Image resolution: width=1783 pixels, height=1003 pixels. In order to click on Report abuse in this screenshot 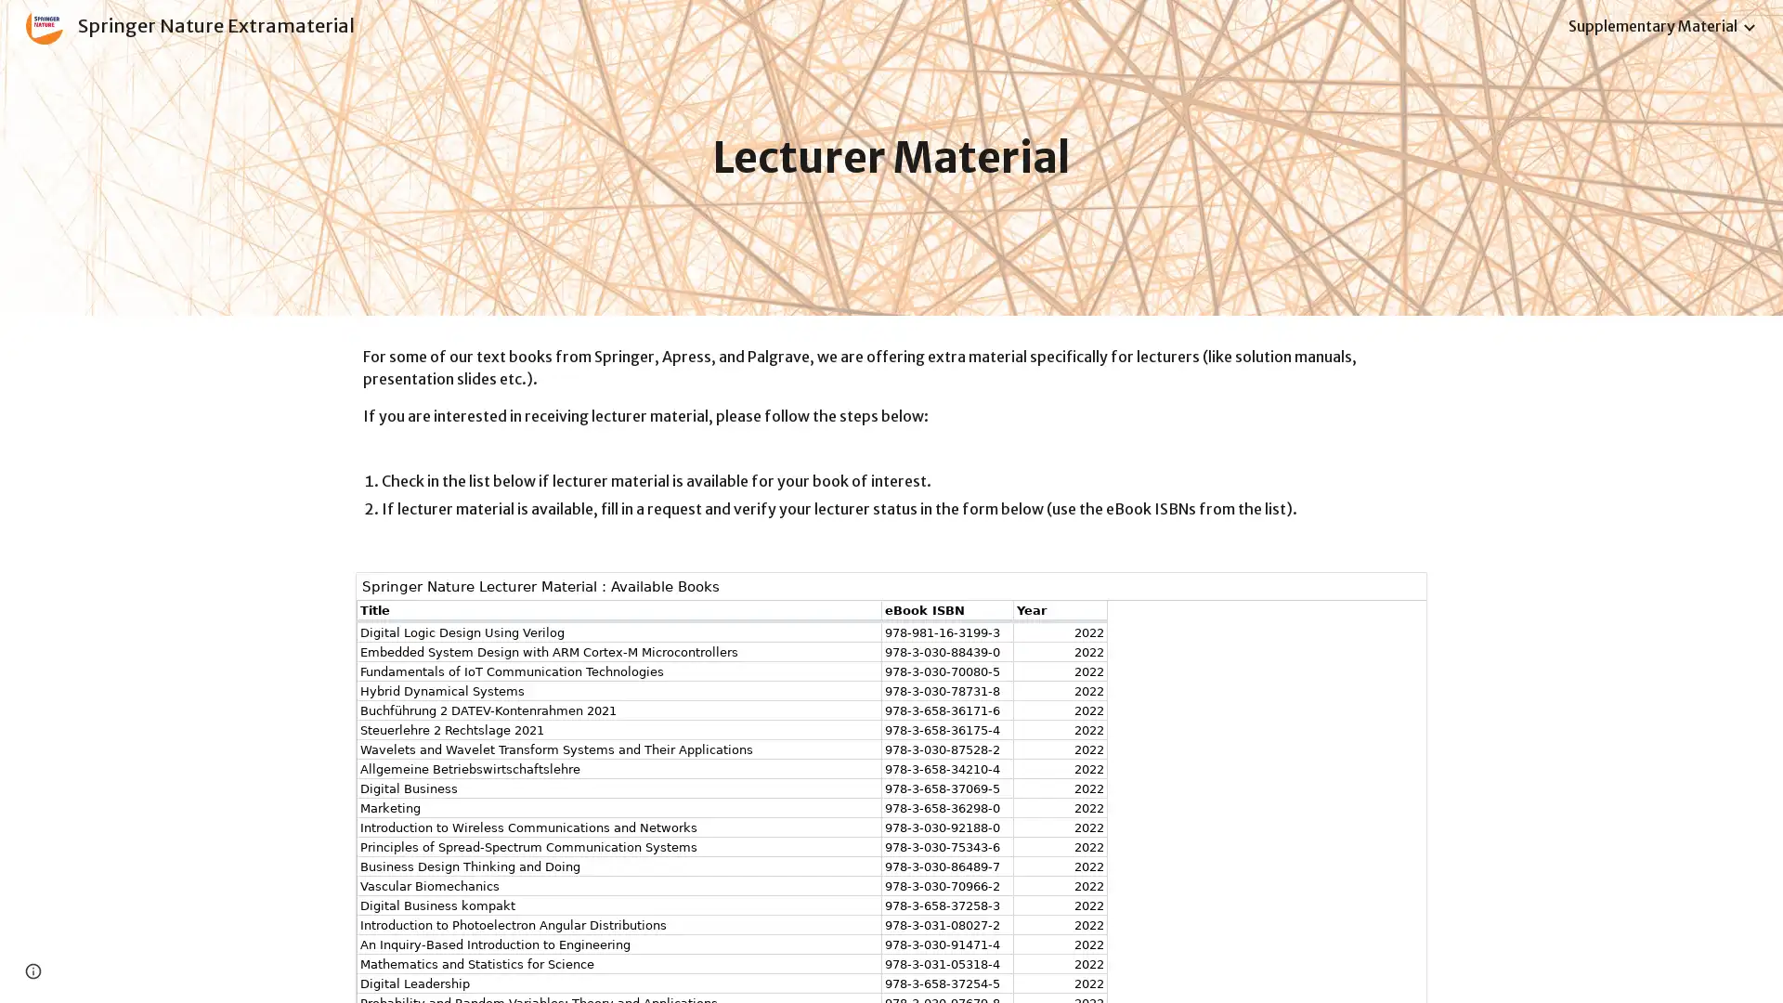, I will do `click(145, 970)`.